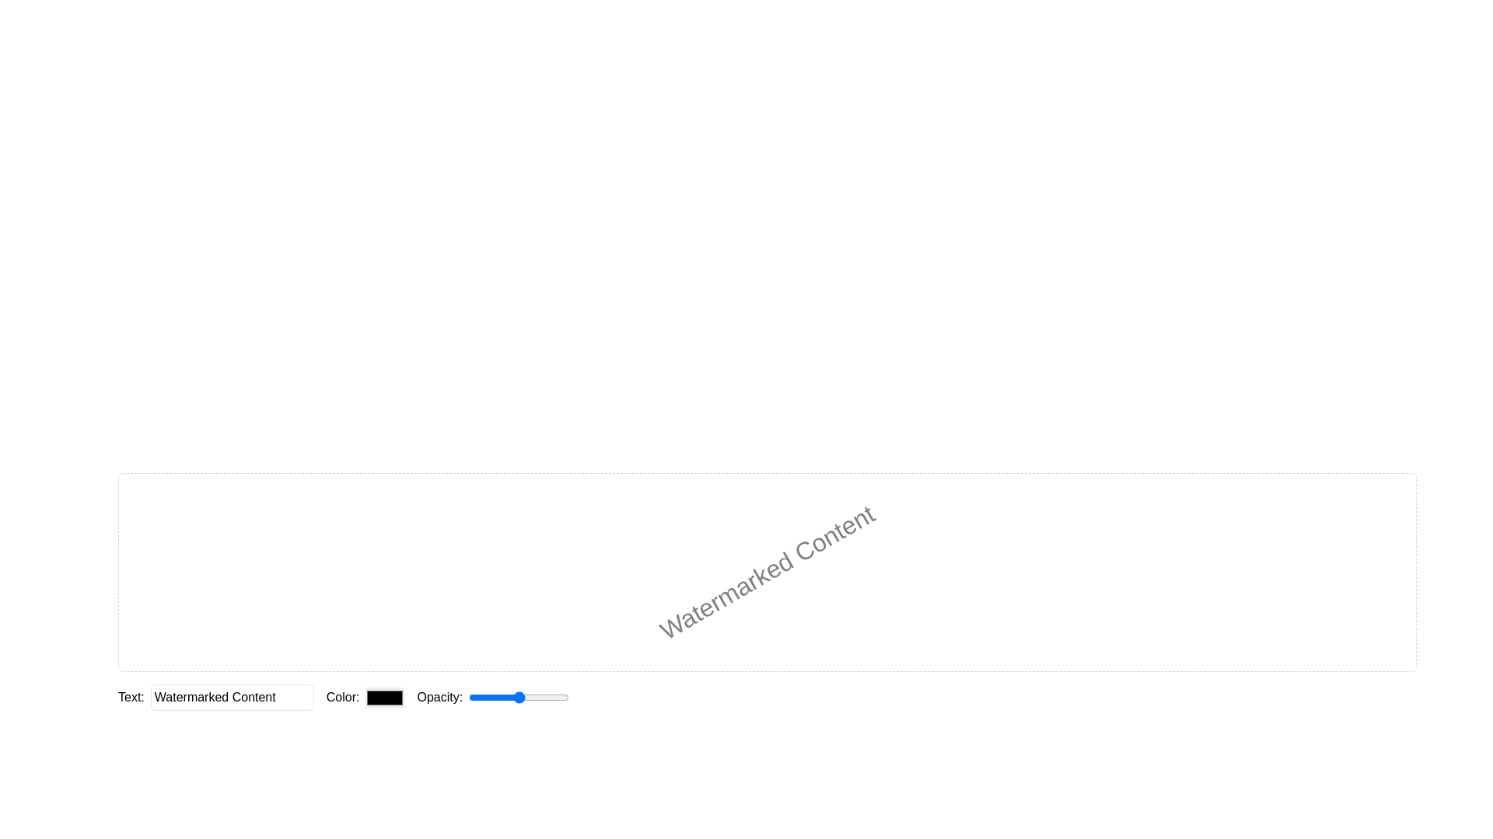 The image size is (1493, 839). I want to click on the text label that reads 'Color:', which is aligned to the left of the color picker input field, so click(342, 697).